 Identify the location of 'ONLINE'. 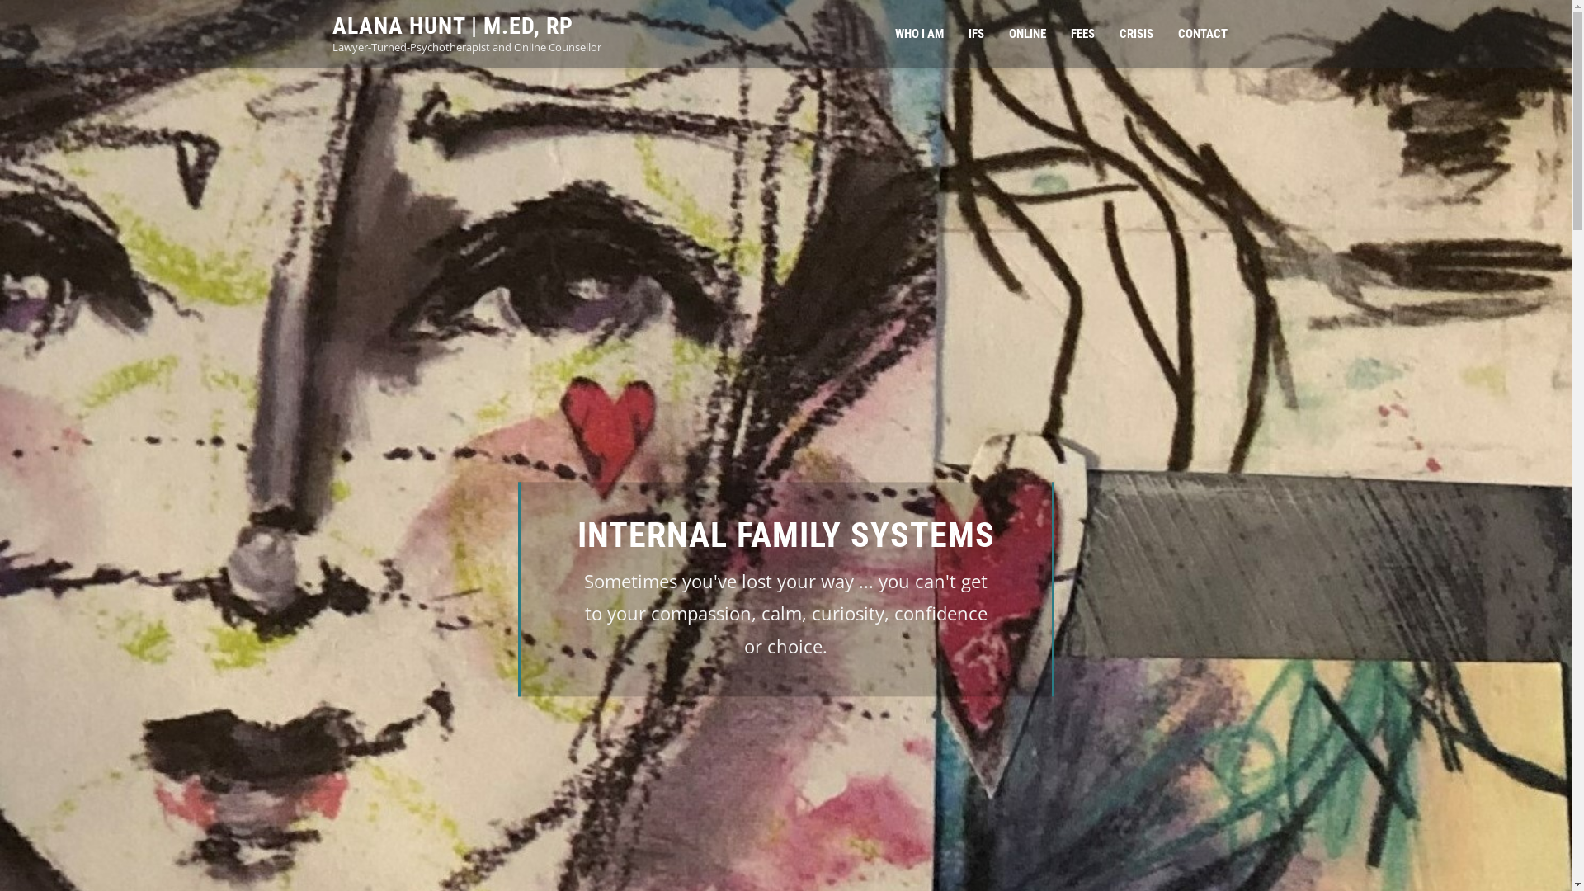
(996, 34).